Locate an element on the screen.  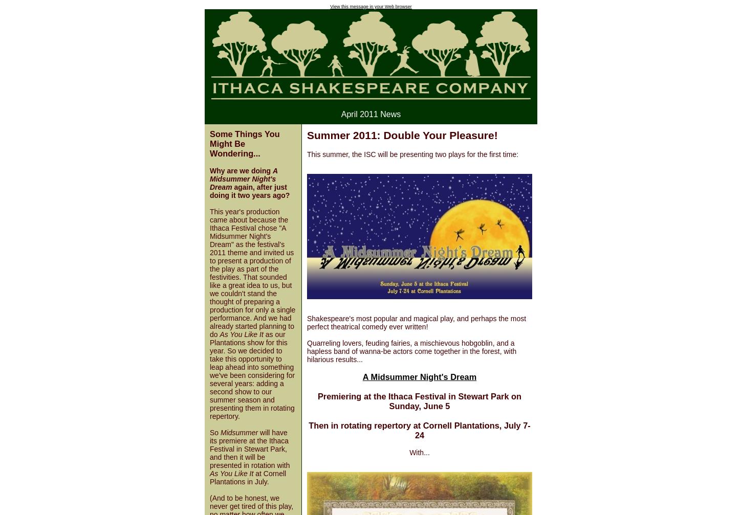
'Premiering at the Ithaca Festival in Stewart Park on Sunday, June 5' is located at coordinates (419, 400).